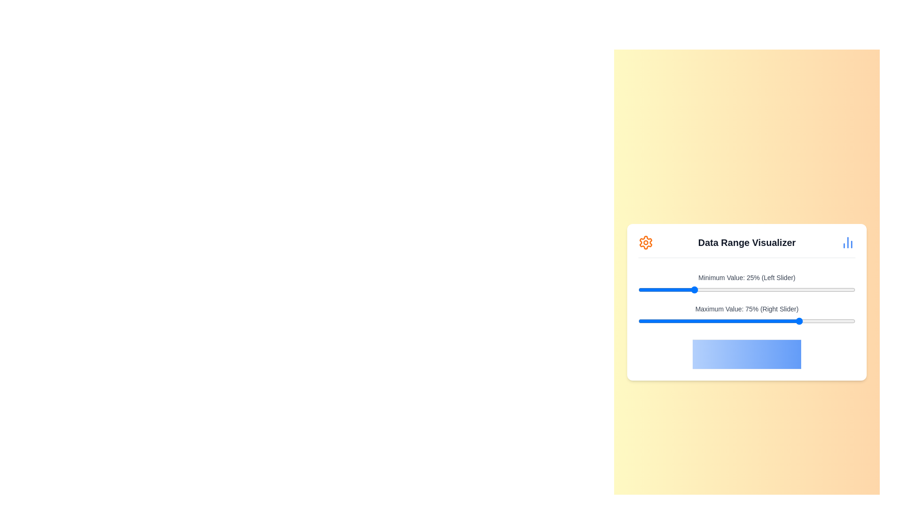  What do you see at coordinates (701, 320) in the screenshot?
I see `the slider` at bounding box center [701, 320].